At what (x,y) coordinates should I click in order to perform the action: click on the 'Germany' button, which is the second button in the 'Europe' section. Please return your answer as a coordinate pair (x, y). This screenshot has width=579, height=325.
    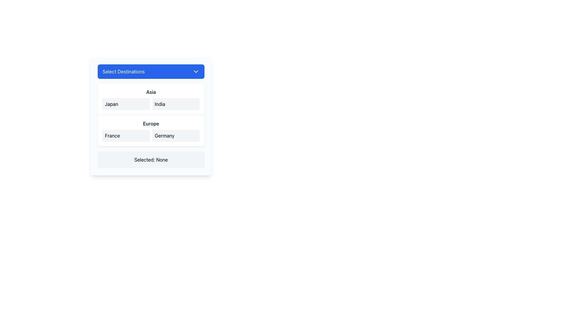
    Looking at the image, I should click on (176, 136).